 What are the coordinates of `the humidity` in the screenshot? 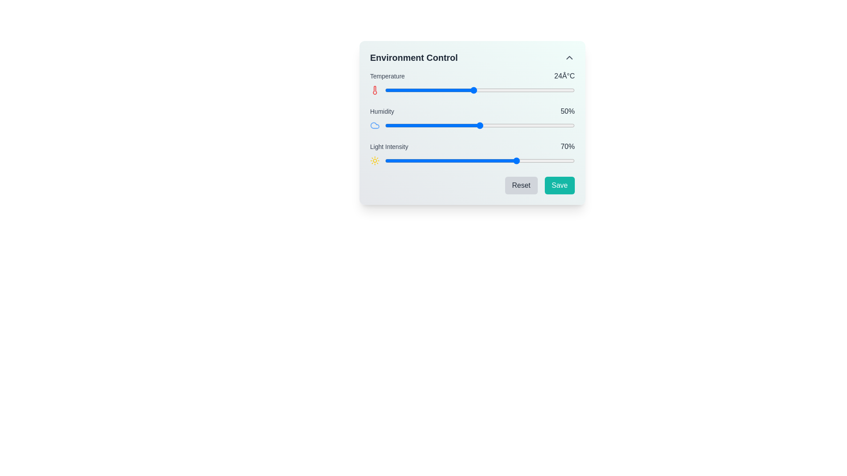 It's located at (404, 126).